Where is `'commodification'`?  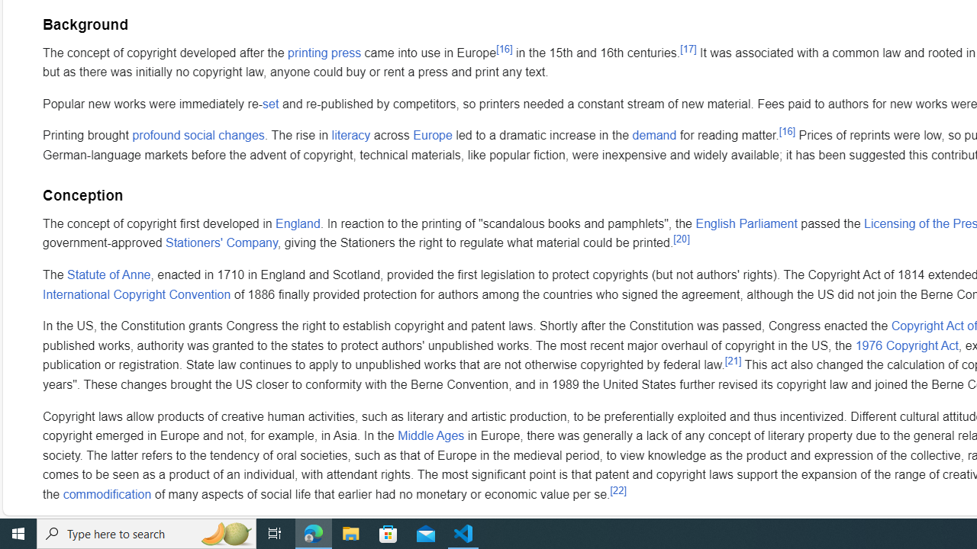
'commodification' is located at coordinates (106, 494).